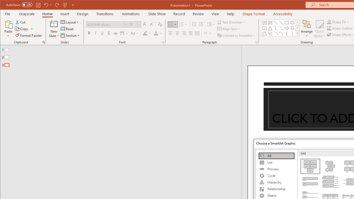  What do you see at coordinates (329, 28) in the screenshot?
I see `'Shape Outline Blue, Accent 1'` at bounding box center [329, 28].